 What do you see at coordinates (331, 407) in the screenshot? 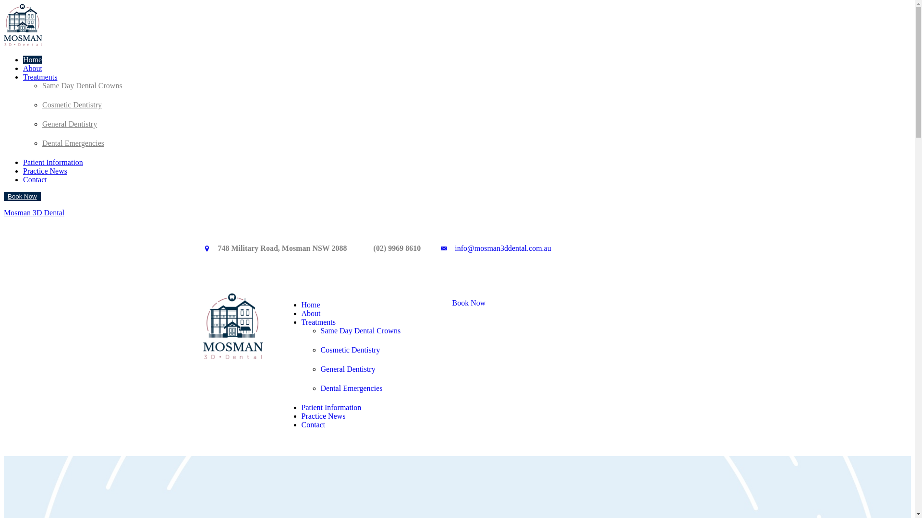
I see `'Patient Information'` at bounding box center [331, 407].